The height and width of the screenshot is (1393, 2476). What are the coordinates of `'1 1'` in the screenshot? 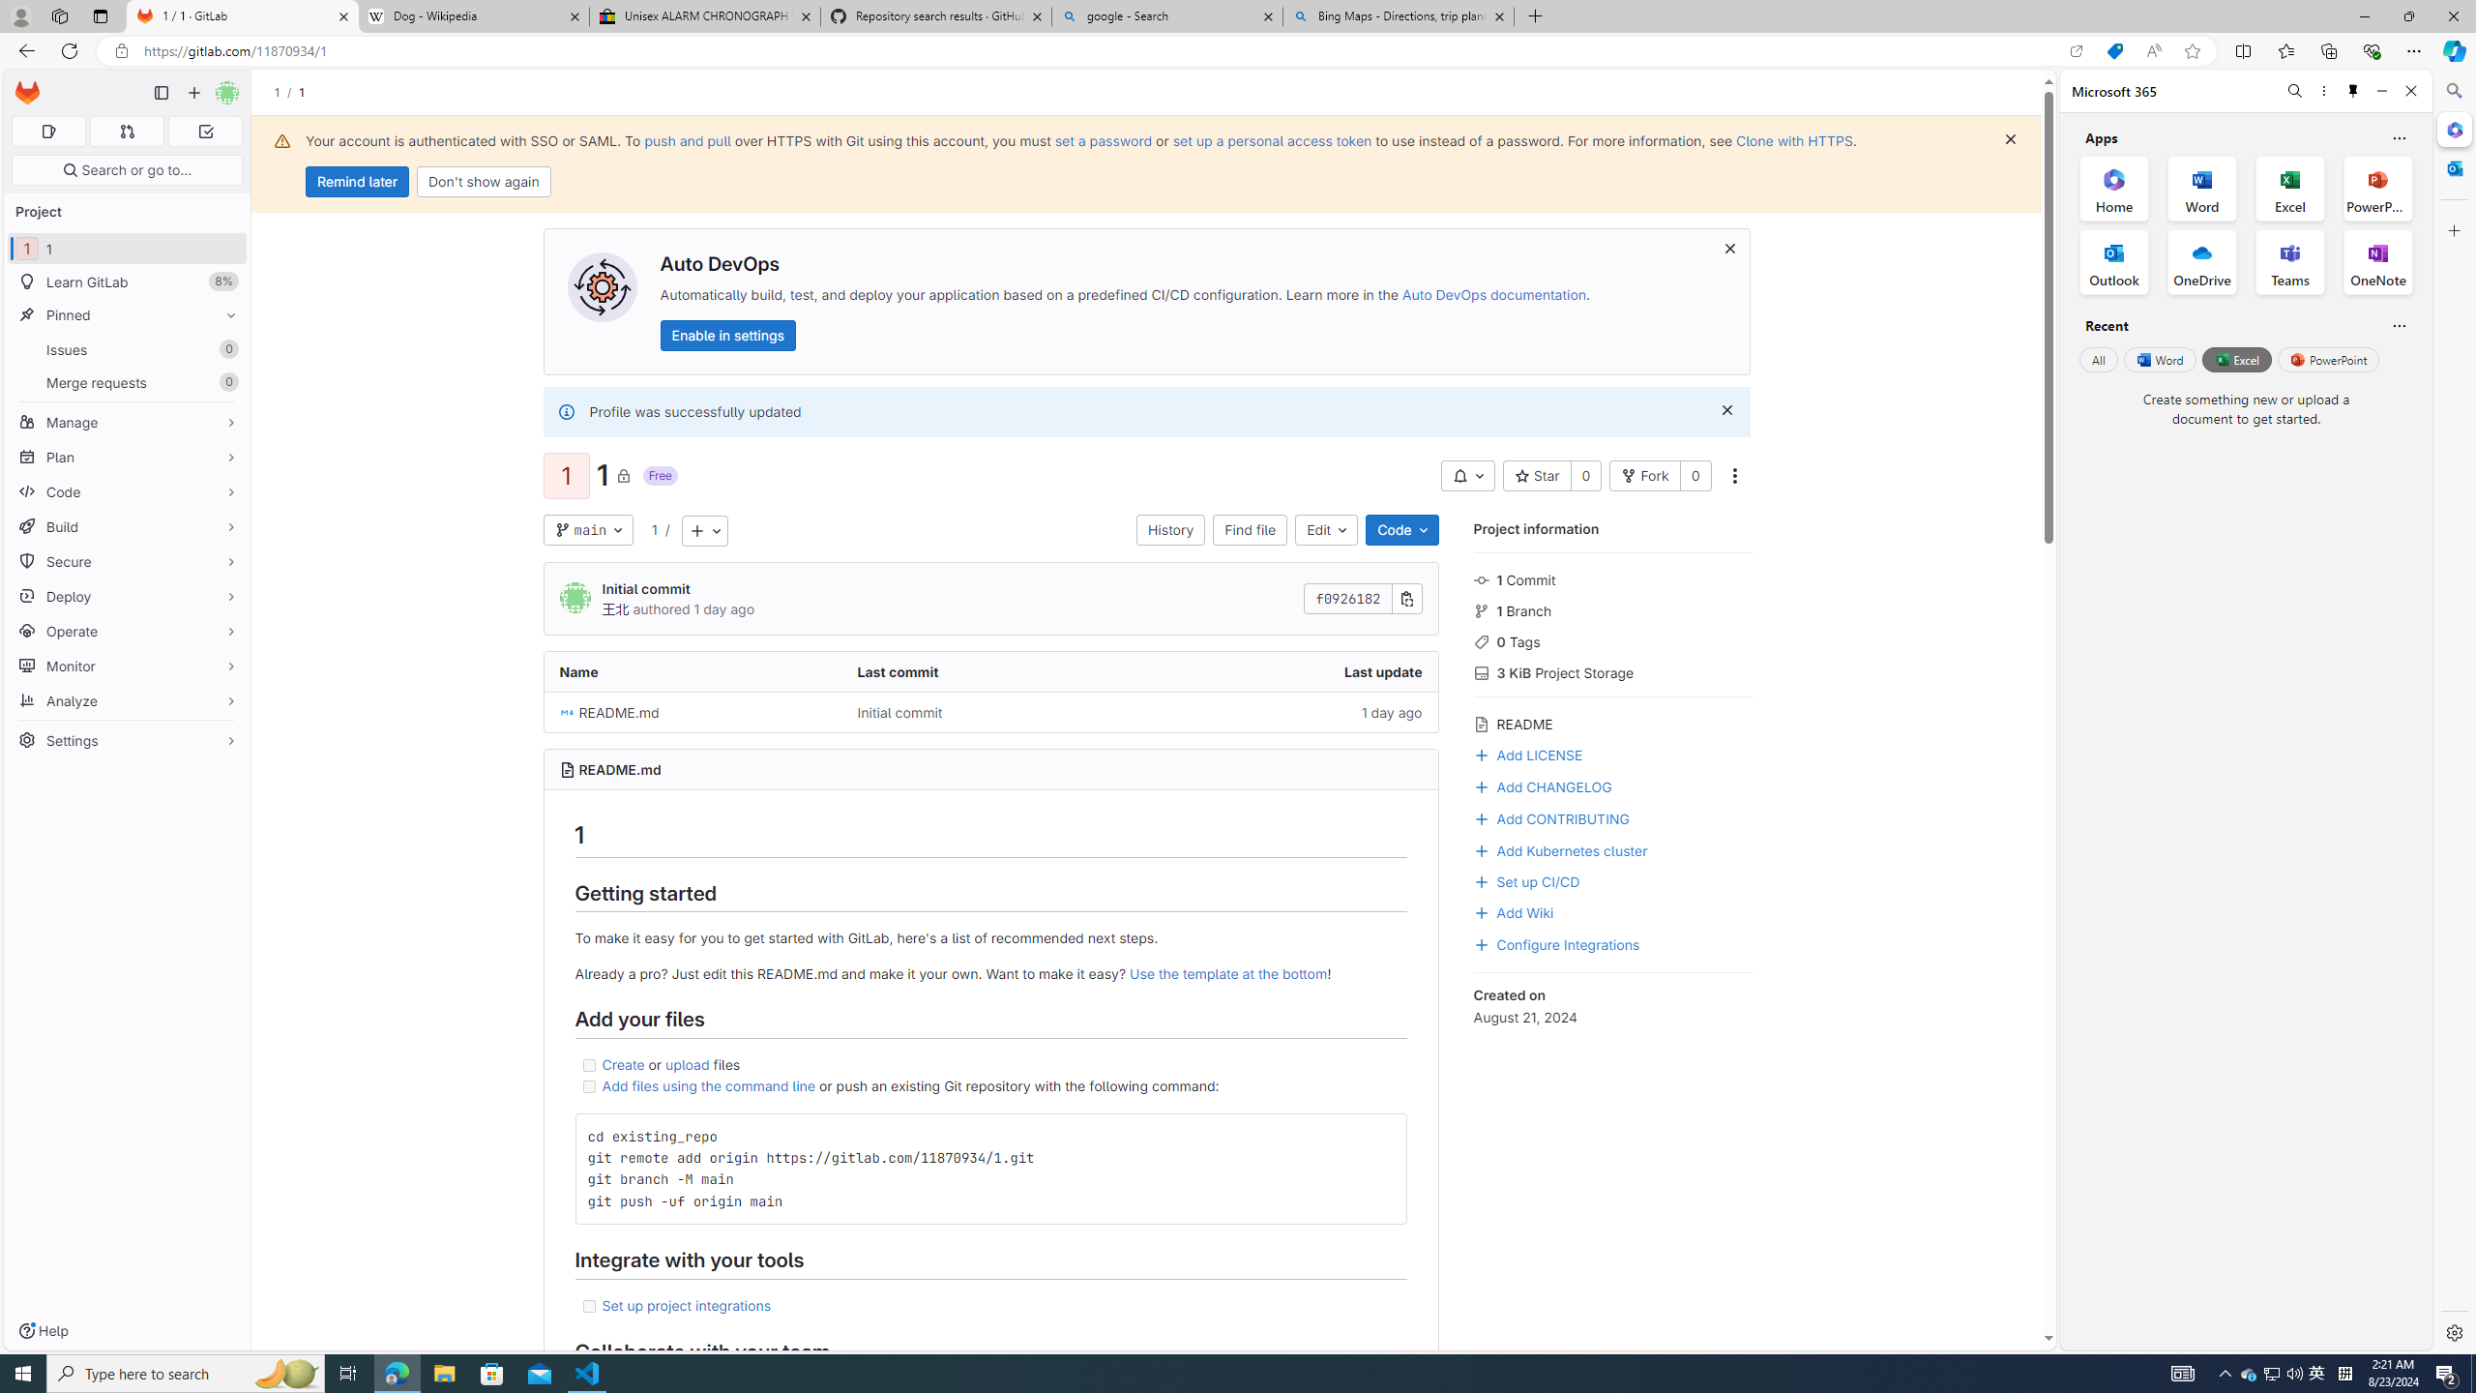 It's located at (126, 248).